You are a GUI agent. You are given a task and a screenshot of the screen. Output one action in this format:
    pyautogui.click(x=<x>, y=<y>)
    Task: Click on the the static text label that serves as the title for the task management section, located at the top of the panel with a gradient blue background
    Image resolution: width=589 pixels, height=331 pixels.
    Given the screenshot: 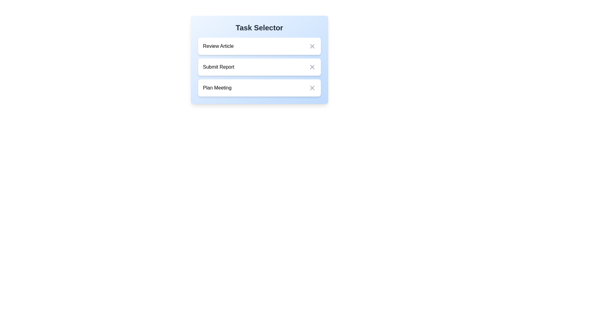 What is the action you would take?
    pyautogui.click(x=259, y=28)
    